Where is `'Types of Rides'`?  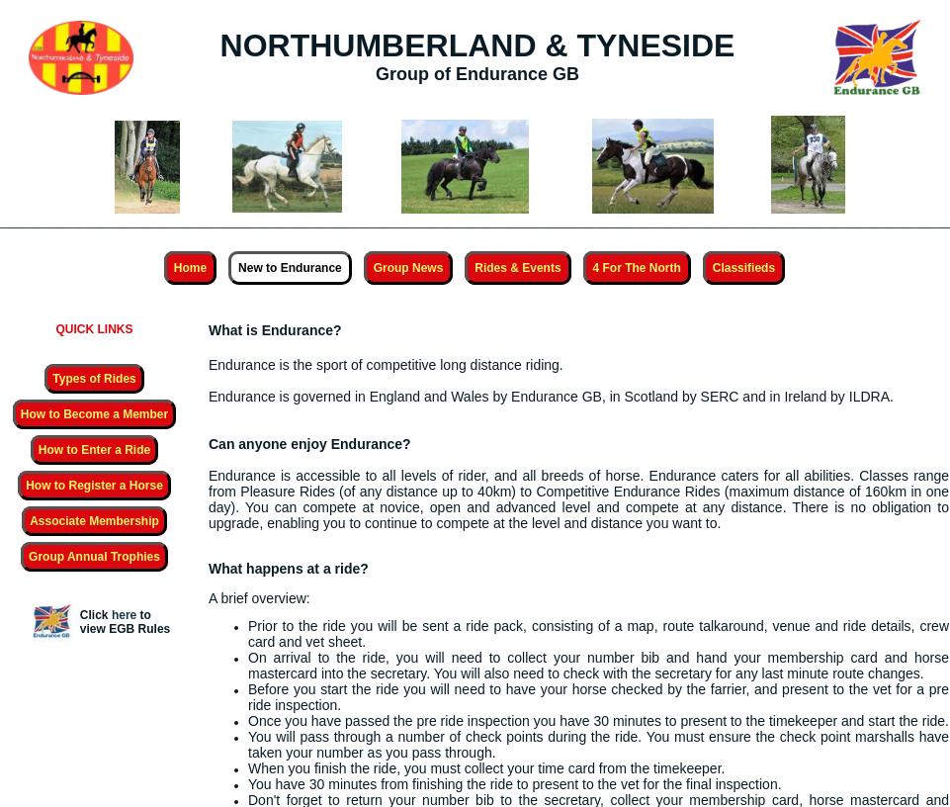 'Types of Rides' is located at coordinates (94, 379).